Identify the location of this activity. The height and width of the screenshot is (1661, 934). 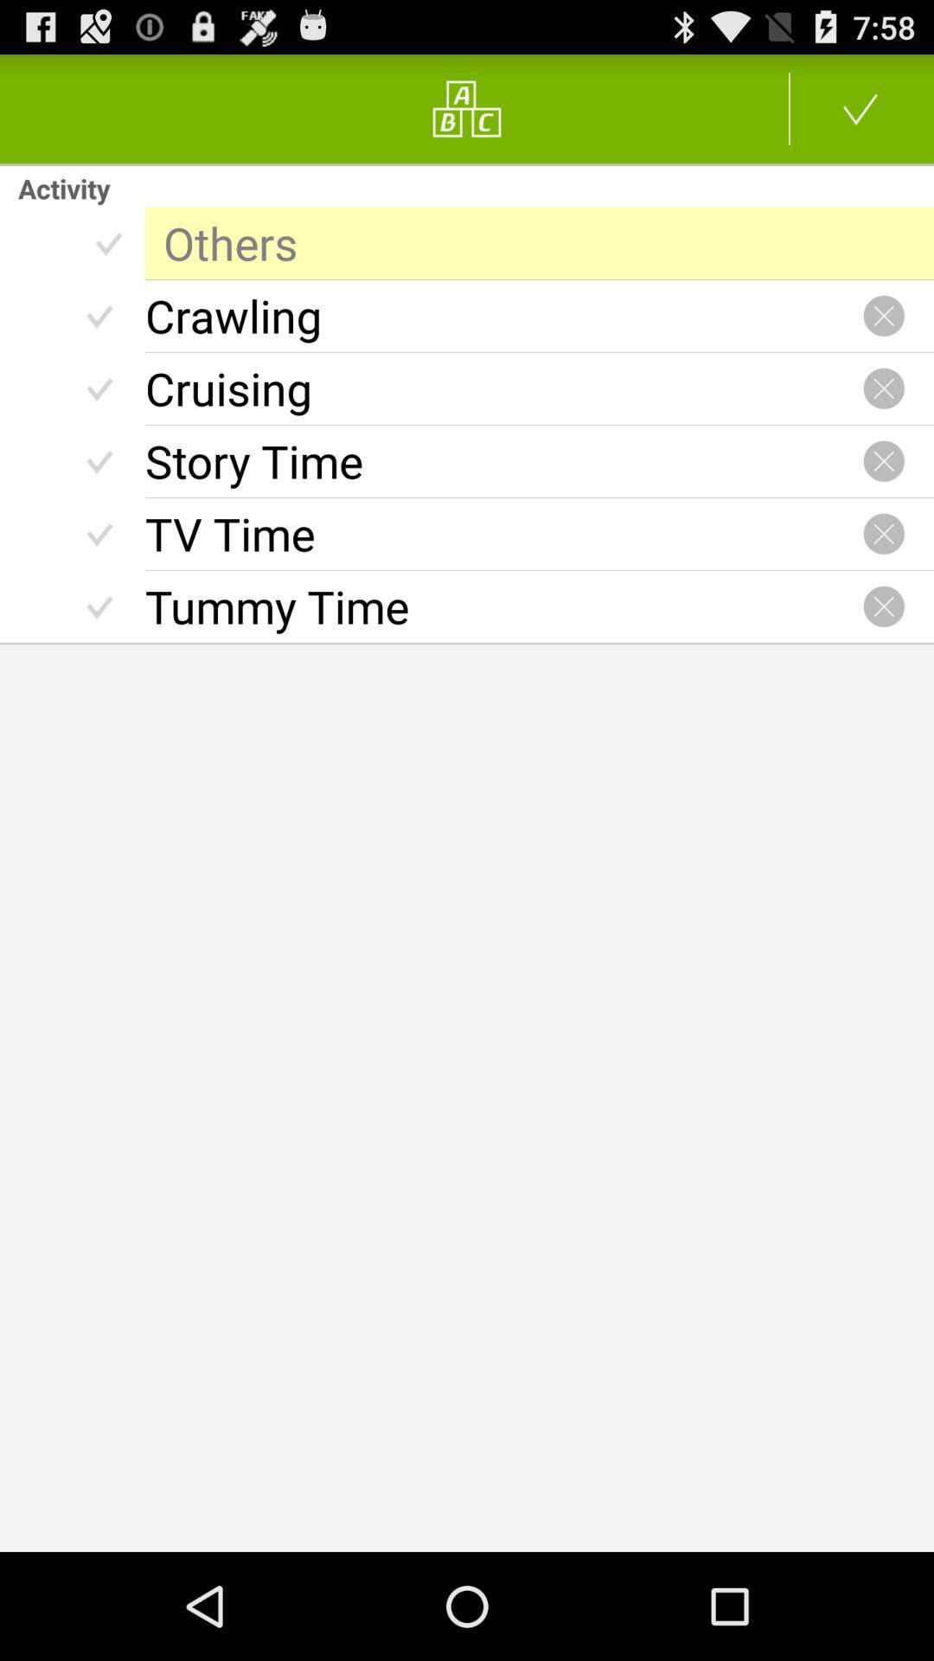
(884, 461).